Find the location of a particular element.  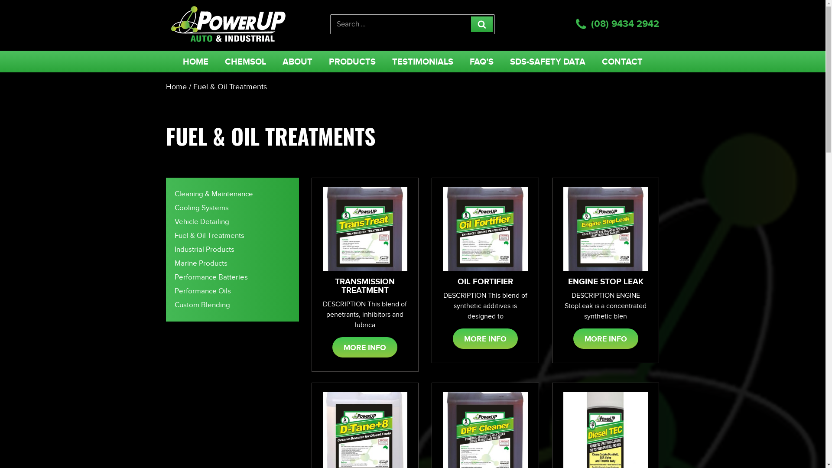

'TESTIMONIALS' is located at coordinates (422, 61).